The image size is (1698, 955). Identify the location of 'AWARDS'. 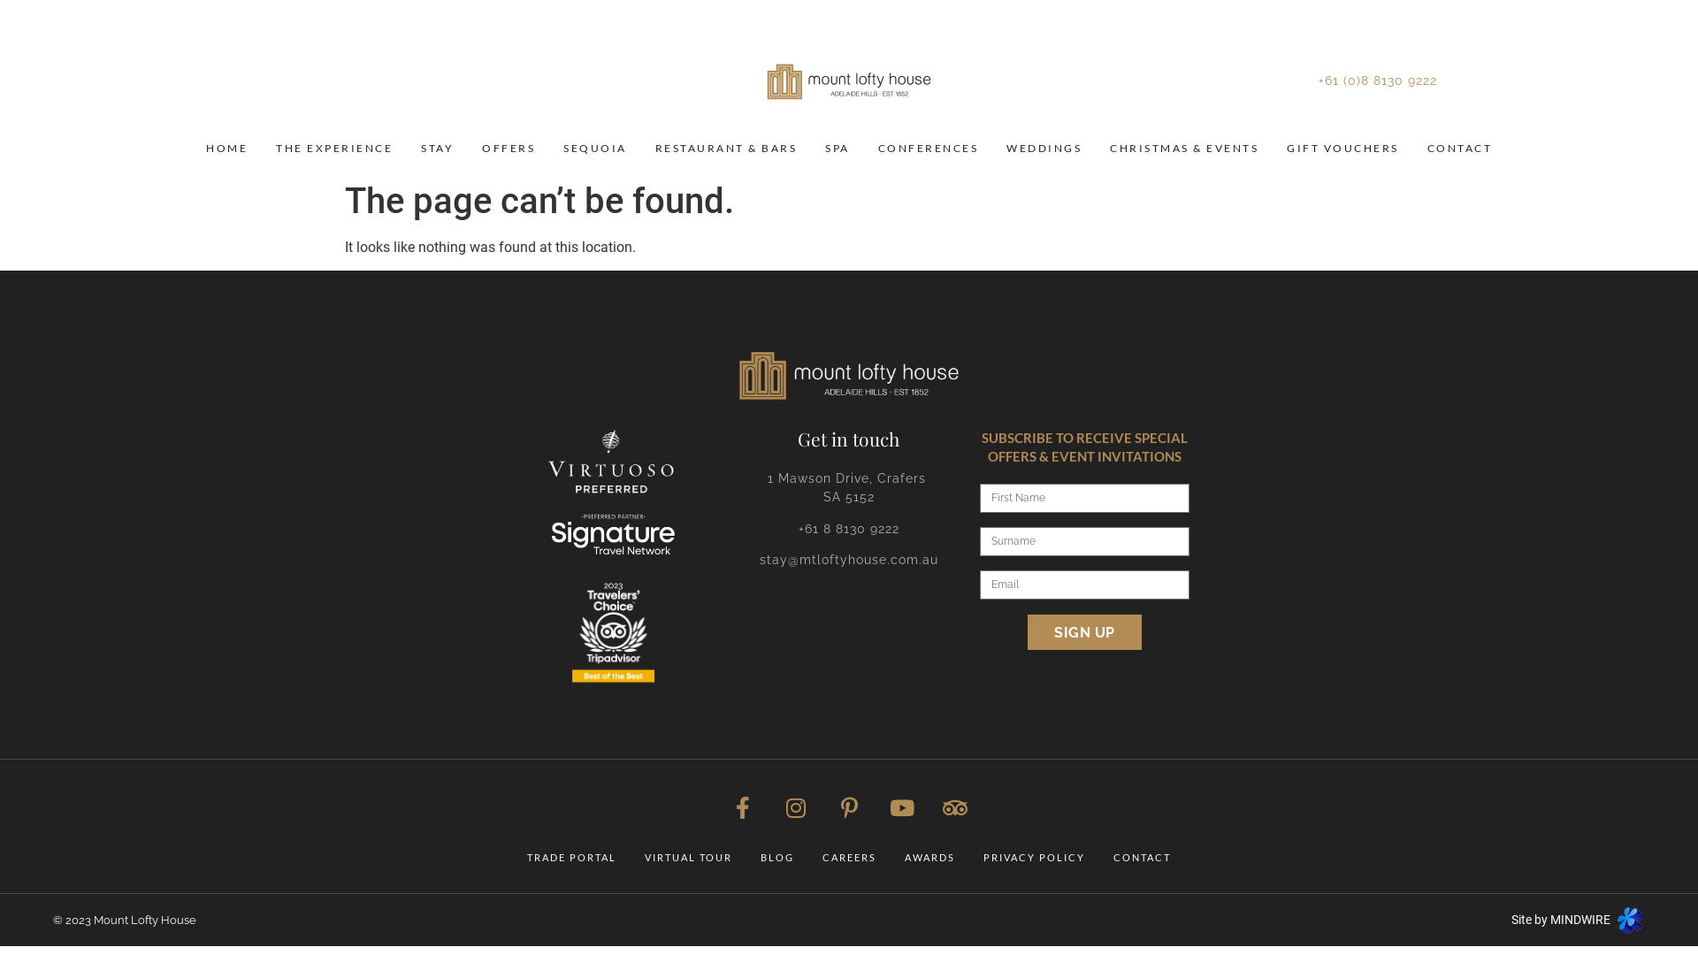
(904, 856).